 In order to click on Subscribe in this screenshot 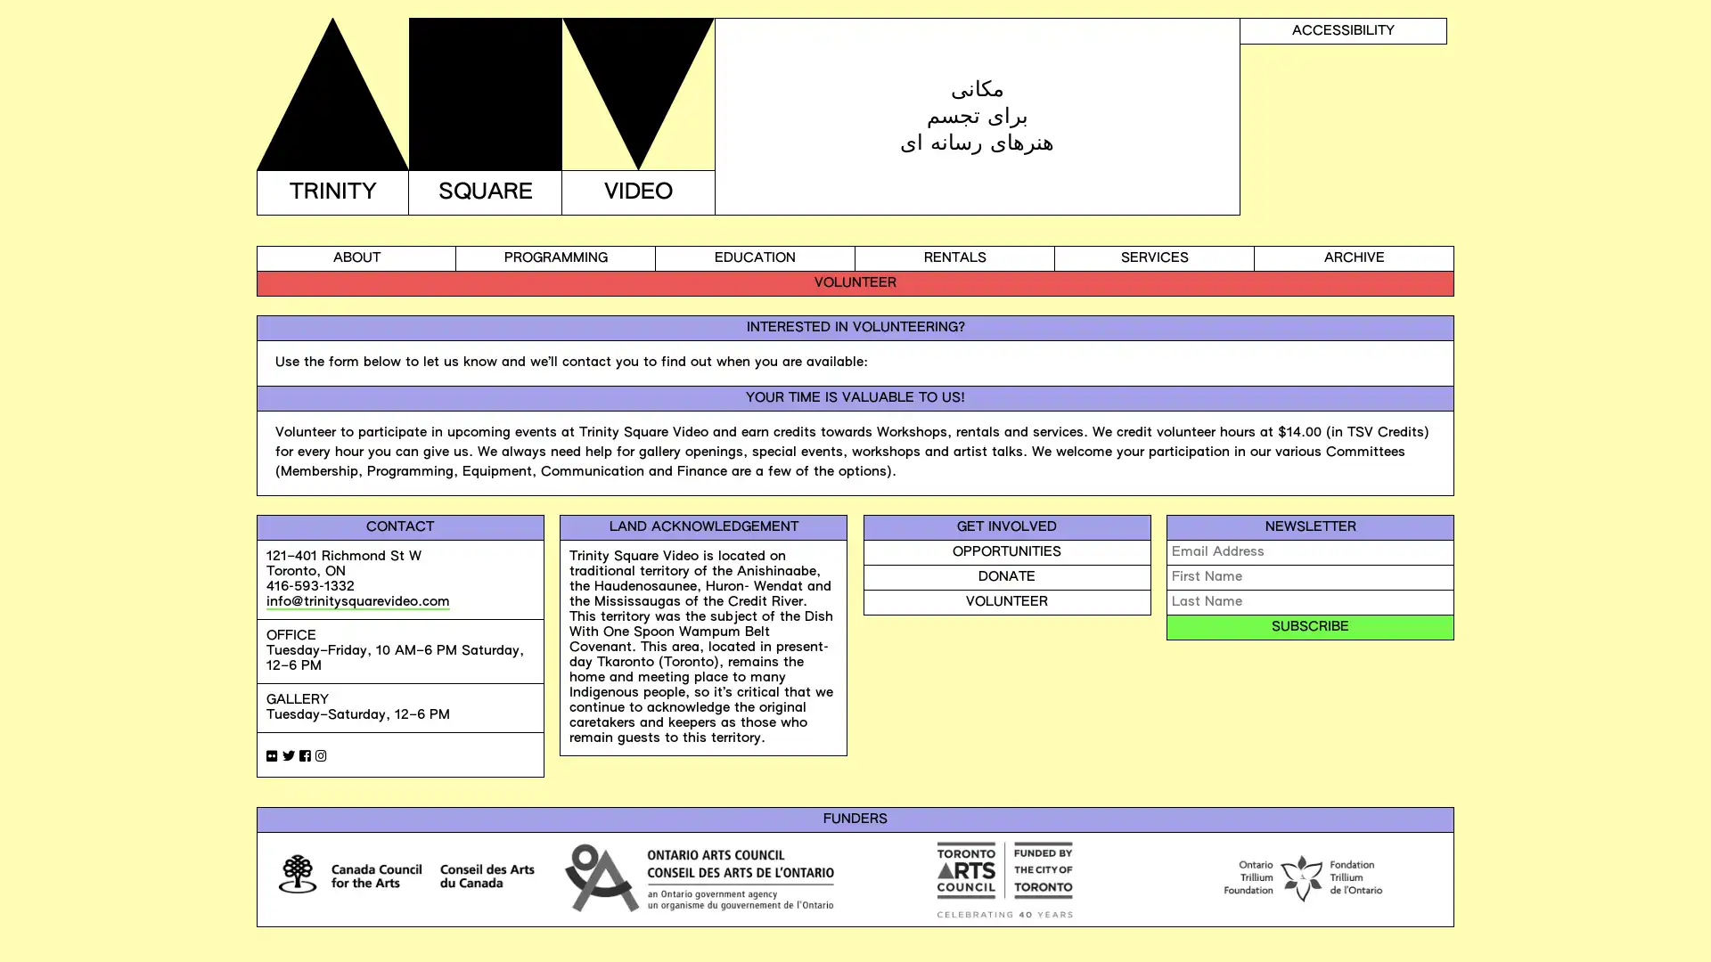, I will do `click(1310, 625)`.